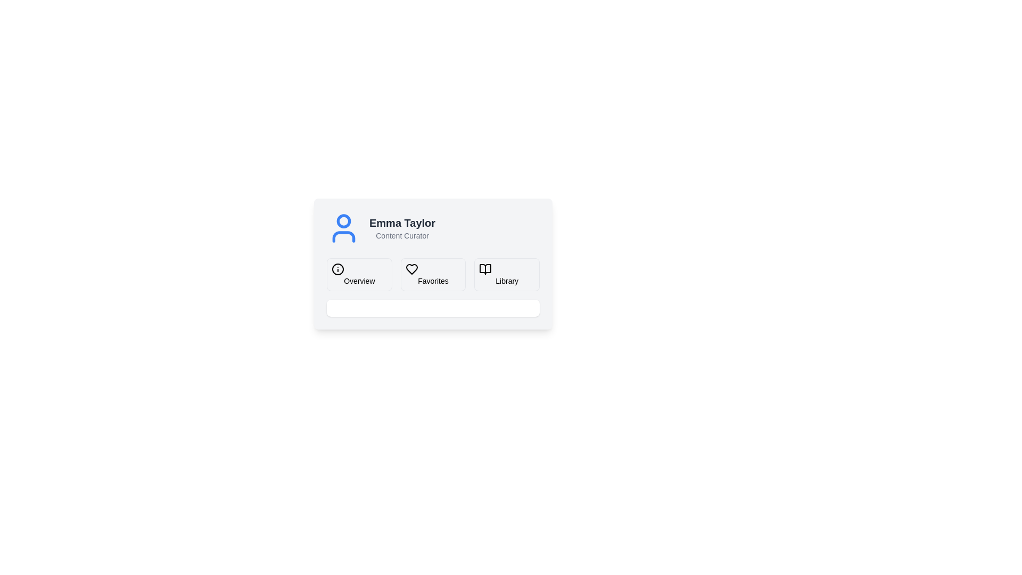 The image size is (1022, 575). Describe the element at coordinates (337, 268) in the screenshot. I see `the information icon located to the left of the 'Overview' text in the Overview section of the user profile card for Emma Taylor` at that location.